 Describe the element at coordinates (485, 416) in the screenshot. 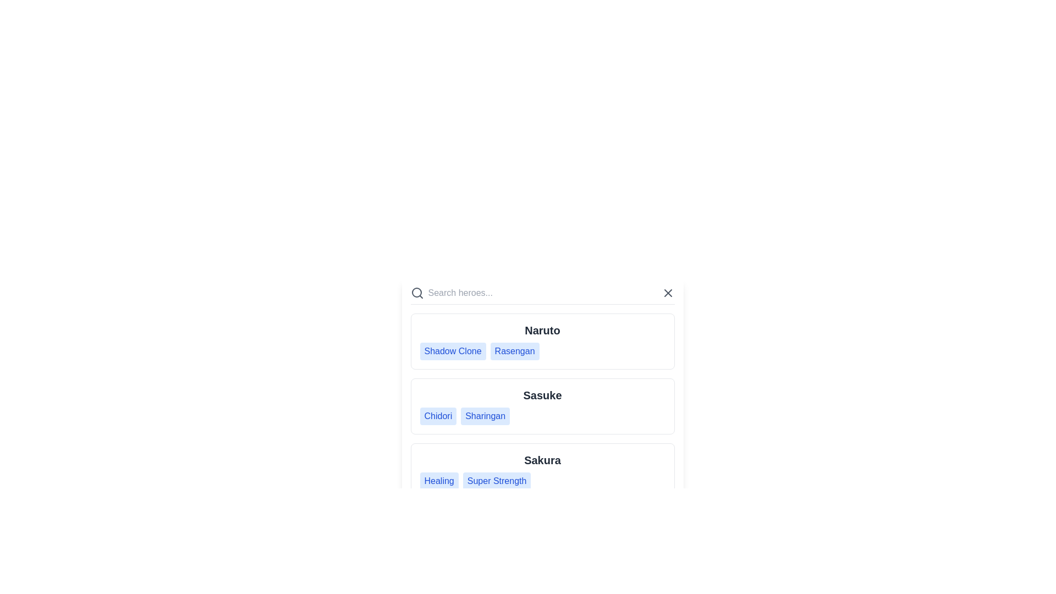

I see `label 'Sharingan' from the second badge in the horizontal arrangement in the 'Sasuke' section of the interface` at that location.